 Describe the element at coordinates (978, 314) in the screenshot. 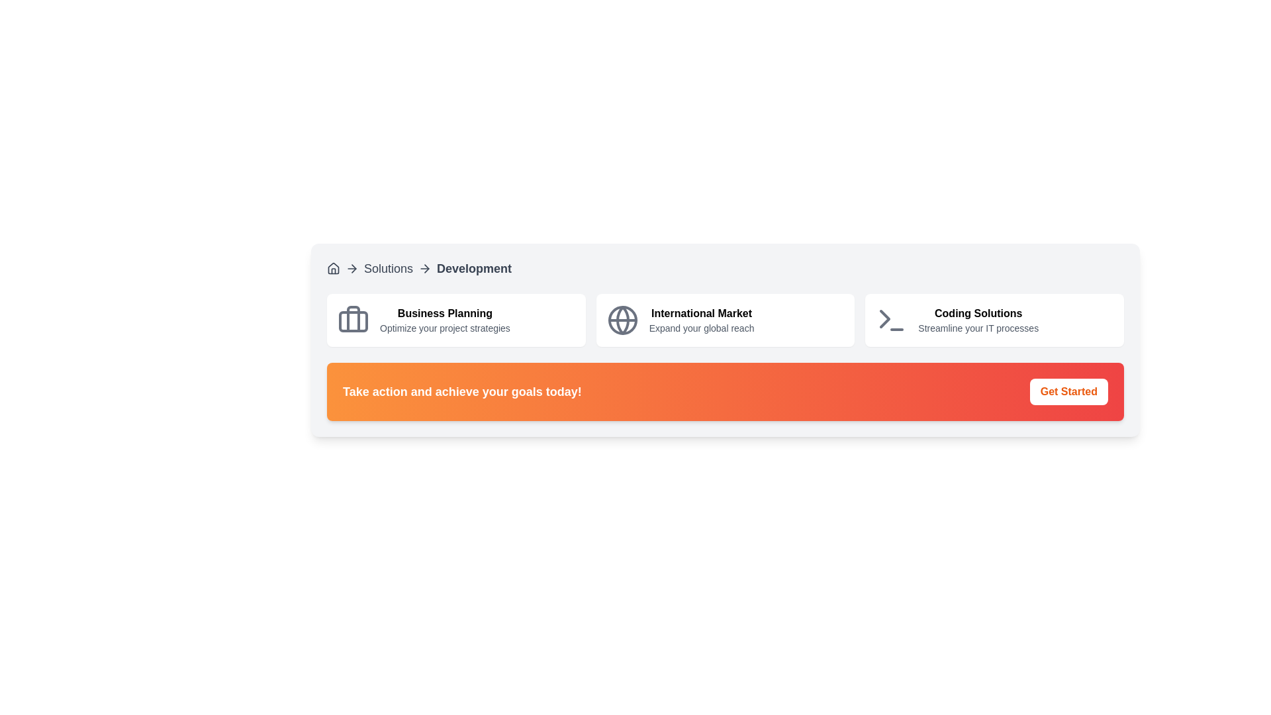

I see `the Text label that serves as a header for the third card in a horizontally arranged group of cards` at that location.